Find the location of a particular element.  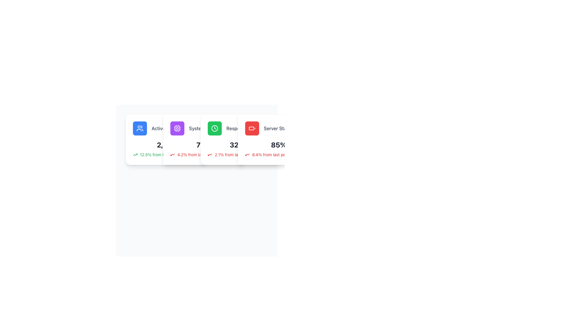

the 'Server Status' text next to the red battery icon is located at coordinates (278, 128).